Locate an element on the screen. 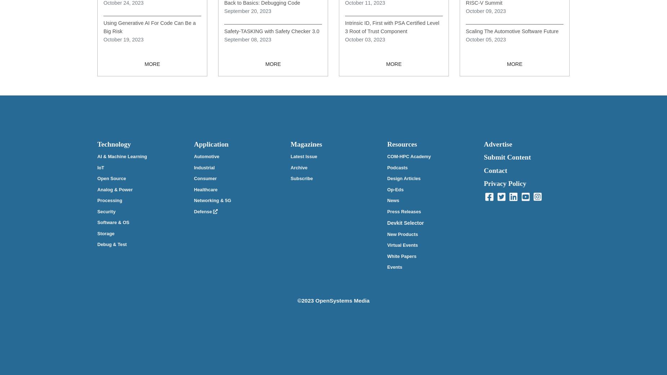 The height and width of the screenshot is (375, 667). 'Contact' is located at coordinates (495, 170).